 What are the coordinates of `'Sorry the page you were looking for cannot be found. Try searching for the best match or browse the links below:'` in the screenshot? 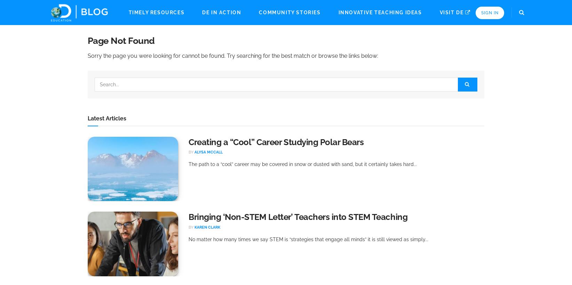 It's located at (233, 55).